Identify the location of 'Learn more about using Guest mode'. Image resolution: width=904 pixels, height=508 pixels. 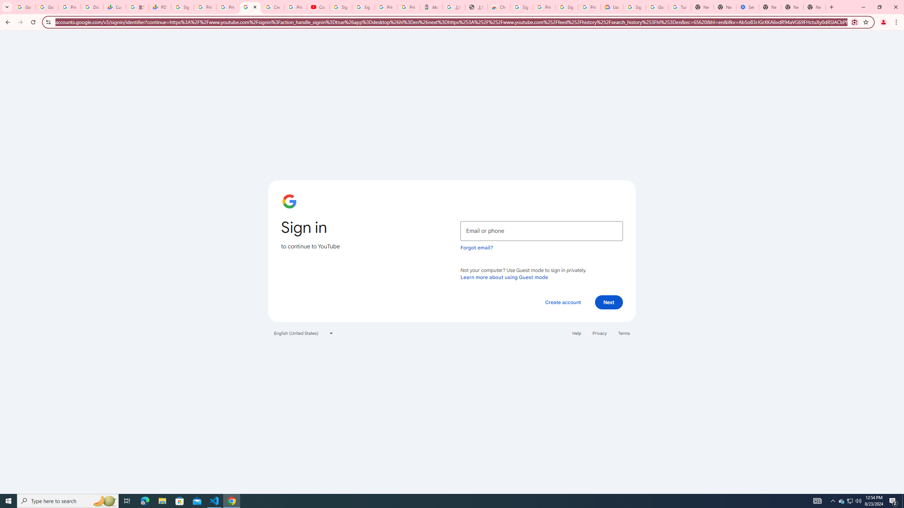
(504, 277).